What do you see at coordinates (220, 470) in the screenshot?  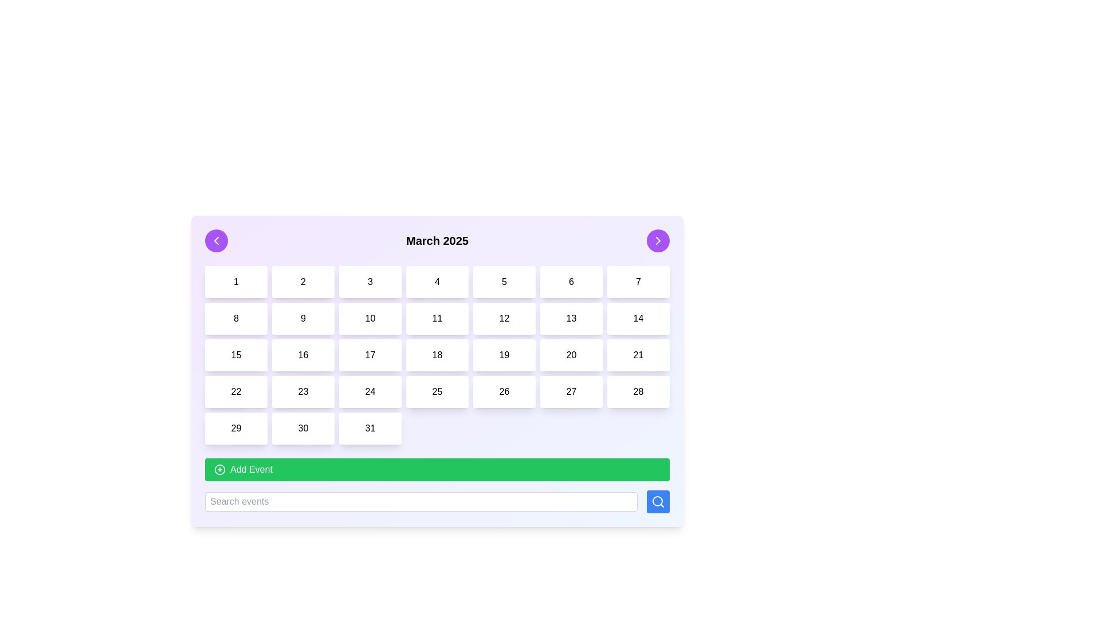 I see `the green button located to the left of the 'Add Event' text label at the bottom of the calendar interface` at bounding box center [220, 470].